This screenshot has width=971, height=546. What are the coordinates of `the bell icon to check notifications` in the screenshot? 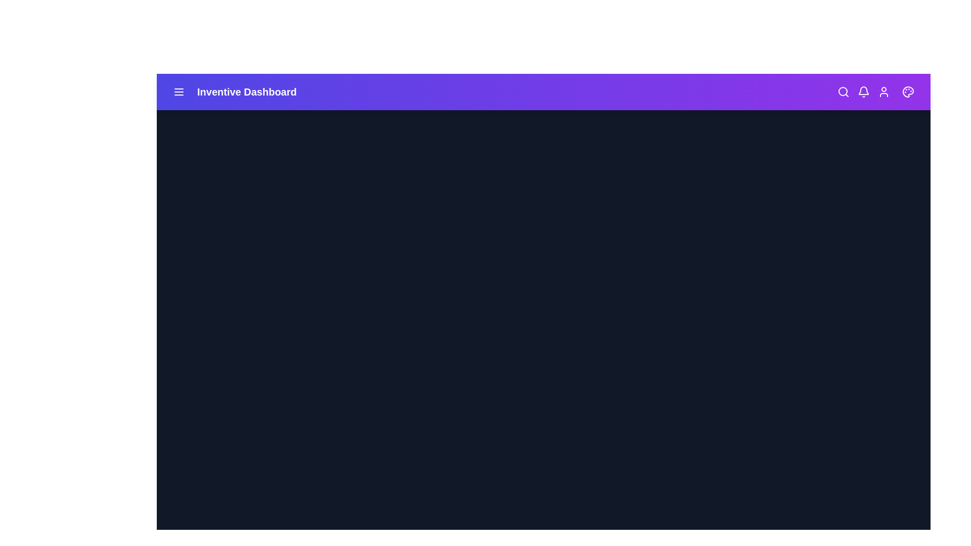 It's located at (863, 92).